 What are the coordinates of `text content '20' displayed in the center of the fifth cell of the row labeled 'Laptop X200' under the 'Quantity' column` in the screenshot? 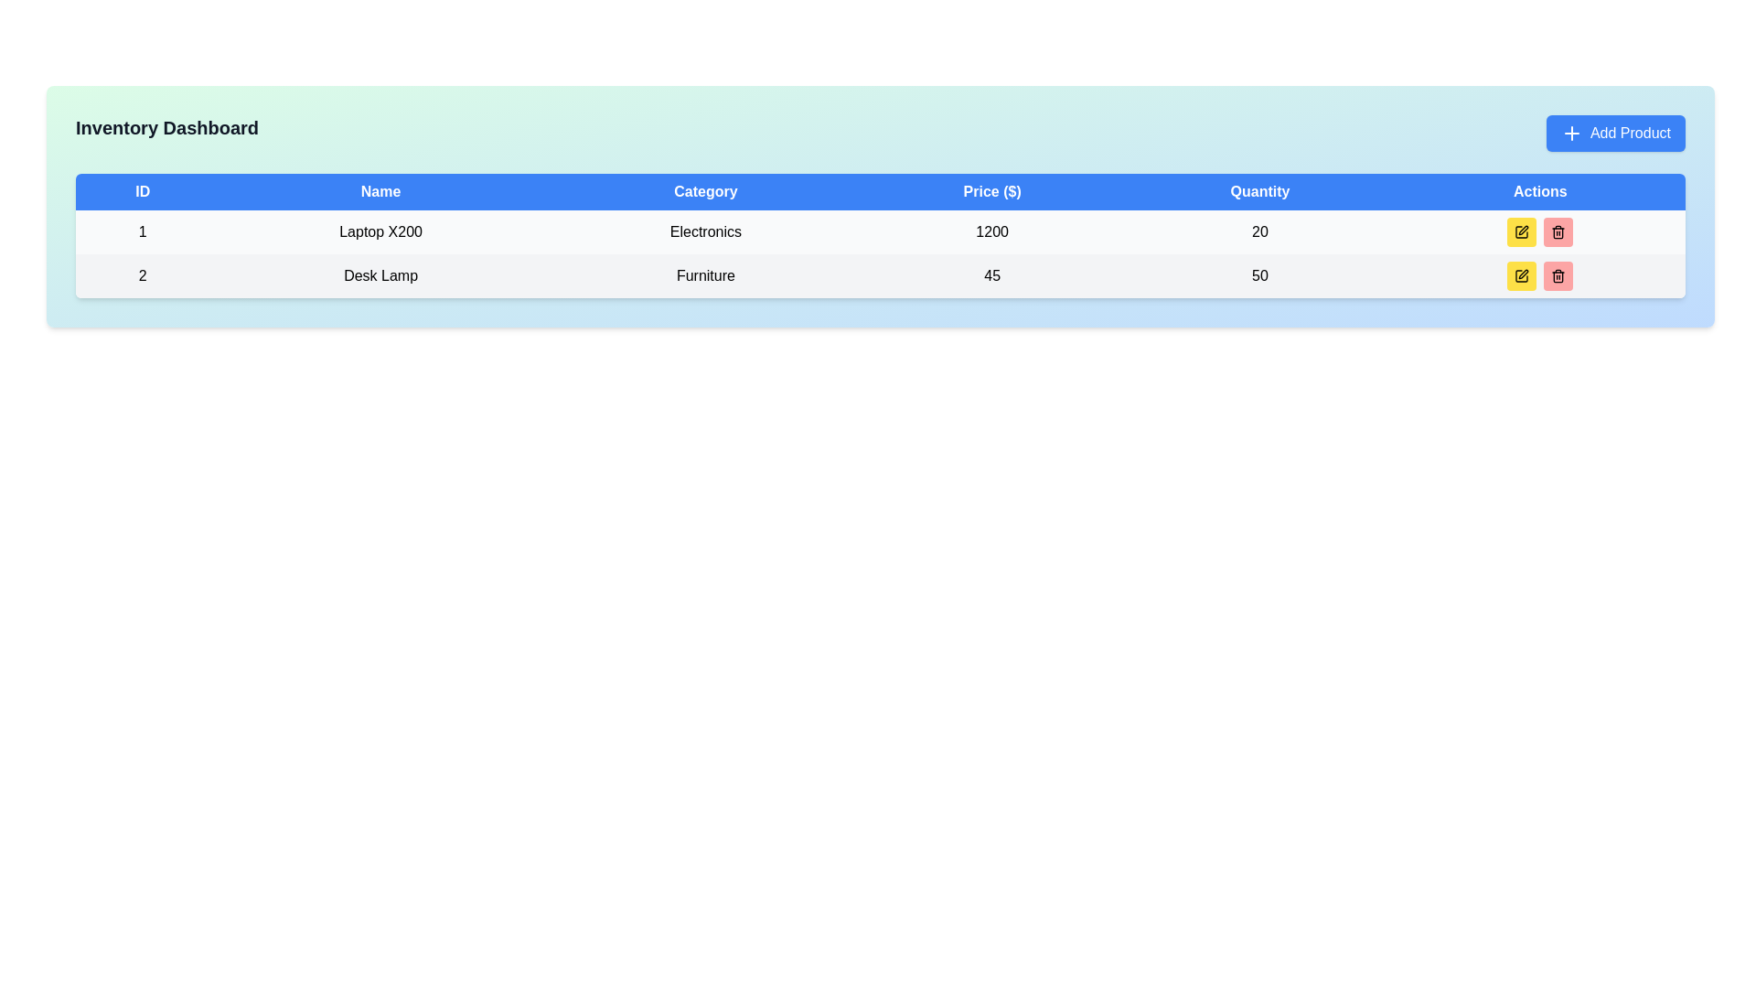 It's located at (1258, 231).